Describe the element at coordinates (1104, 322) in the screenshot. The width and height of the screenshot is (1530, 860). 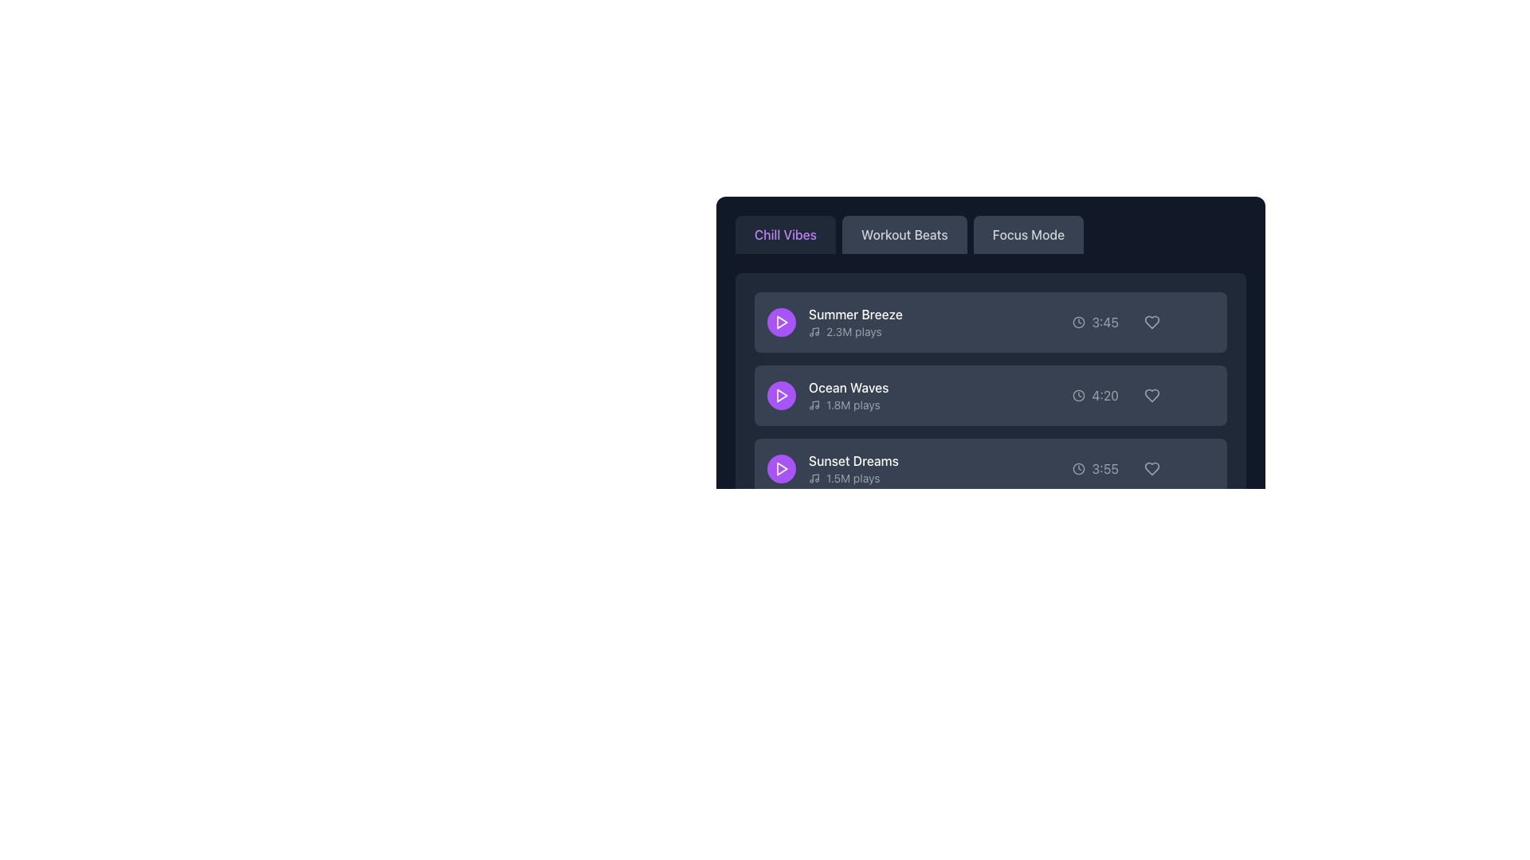
I see `text label displaying the duration of the song 'Summer Breeze', located on the right side of the row, second in the group after the clock icon` at that location.